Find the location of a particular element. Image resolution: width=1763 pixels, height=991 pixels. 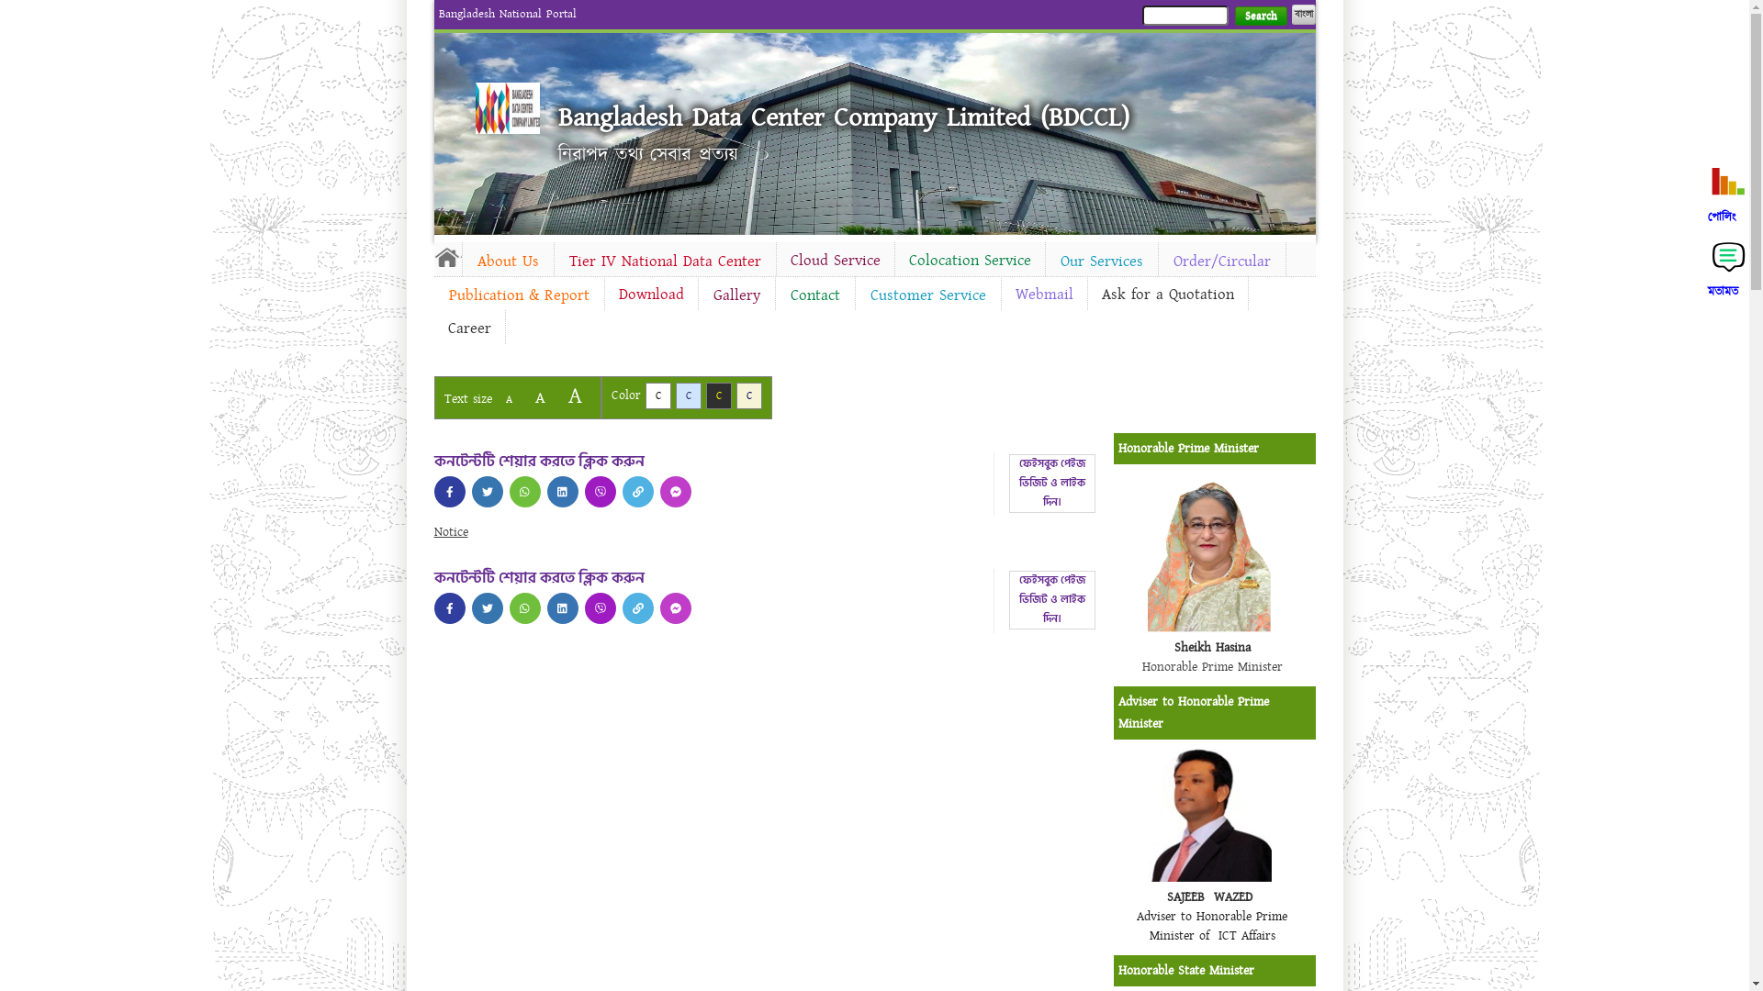

'C' is located at coordinates (717, 395).